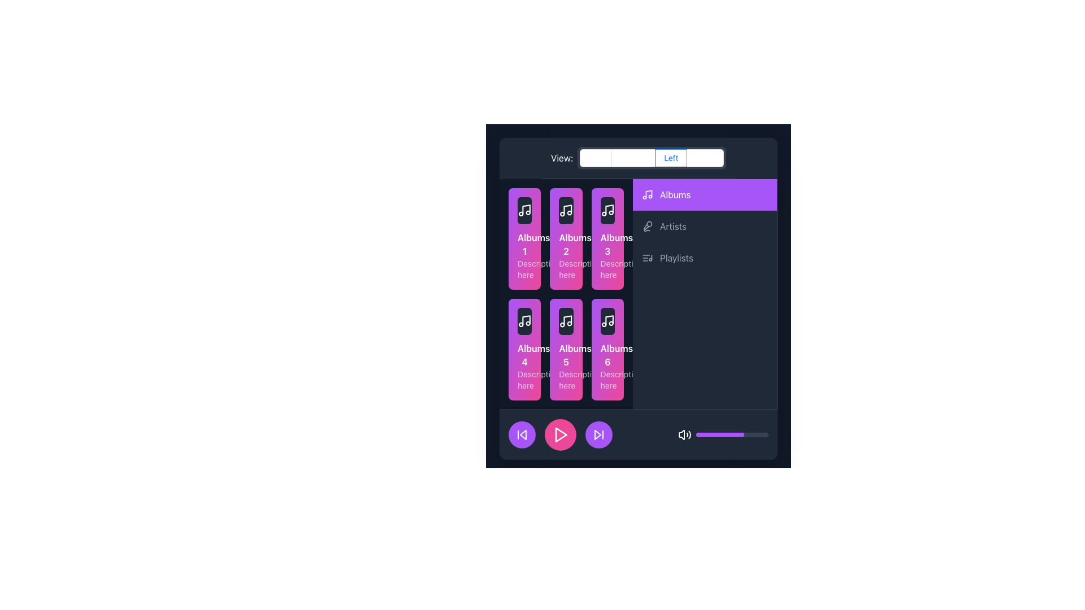 This screenshot has height=610, width=1085. I want to click on the purple progress bar segment that occupies two-thirds of the light gray progress bar at the bottom section of the interface, so click(719, 434).